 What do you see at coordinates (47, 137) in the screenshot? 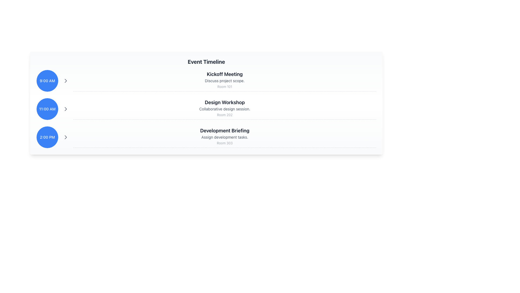
I see `the blue circular badge displaying '2:00 PM' in the third row labeled 'Development Briefing'` at bounding box center [47, 137].